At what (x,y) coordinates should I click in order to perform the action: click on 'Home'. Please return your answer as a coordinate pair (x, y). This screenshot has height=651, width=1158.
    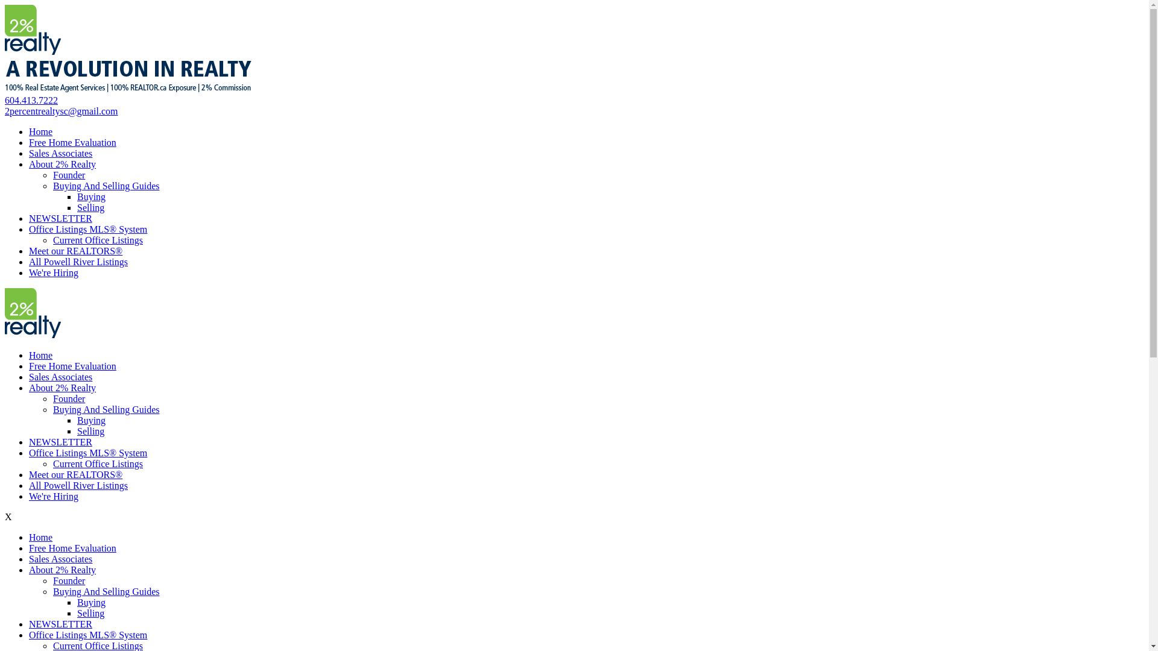
    Looking at the image, I should click on (29, 131).